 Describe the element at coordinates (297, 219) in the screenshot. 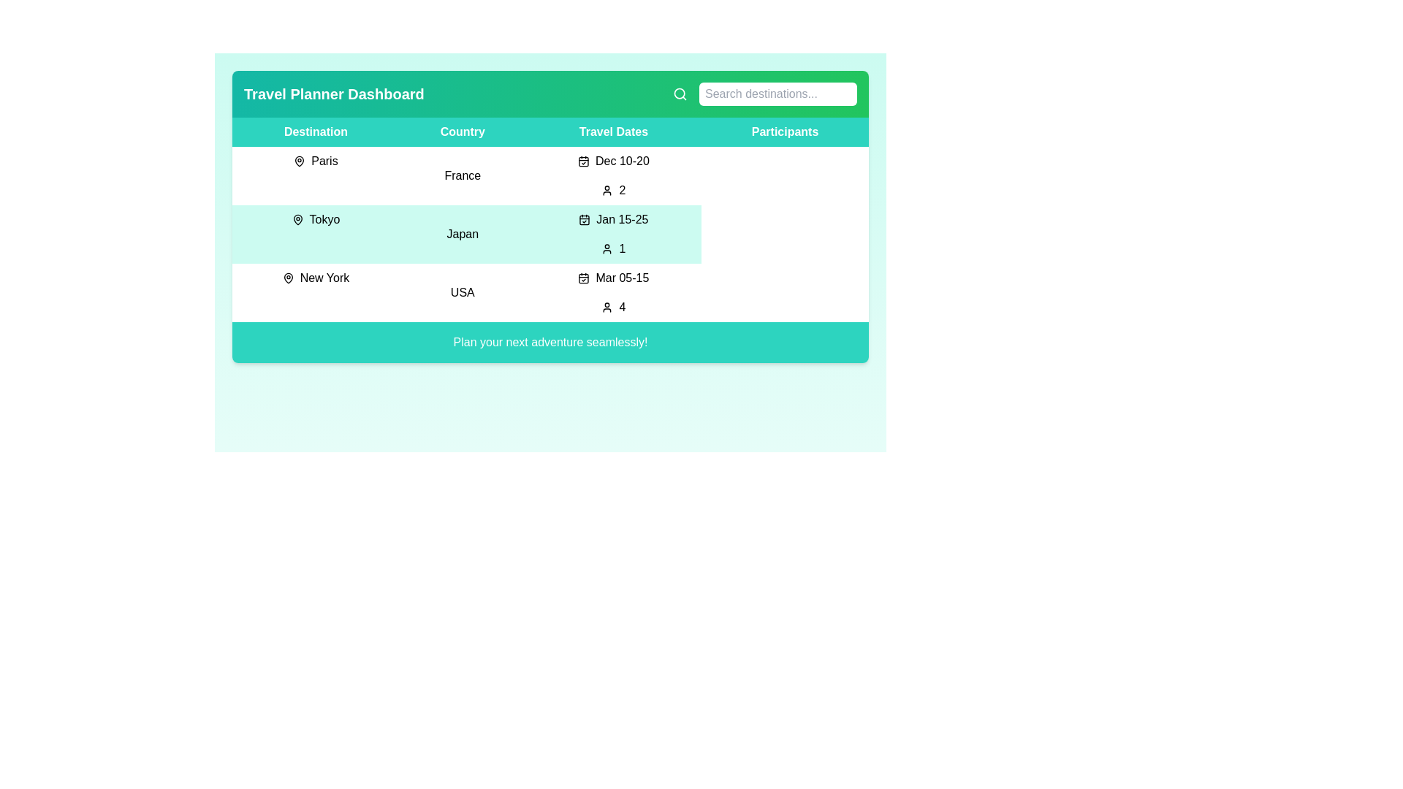

I see `the geographical location icon representing 'Tokyo' in the 'Destination' column, located in the second row of the table` at that location.